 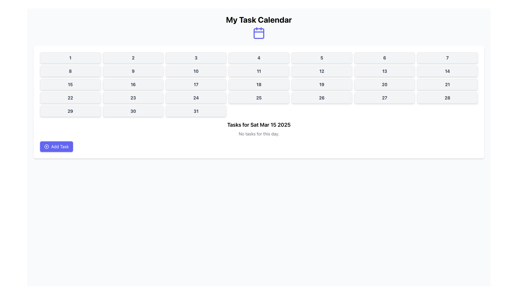 What do you see at coordinates (259, 34) in the screenshot?
I see `the decorative graphical component representing a part of the calendar icon in the 'My Task Calendar' interface, located centrally within the rect element of the calendar` at bounding box center [259, 34].